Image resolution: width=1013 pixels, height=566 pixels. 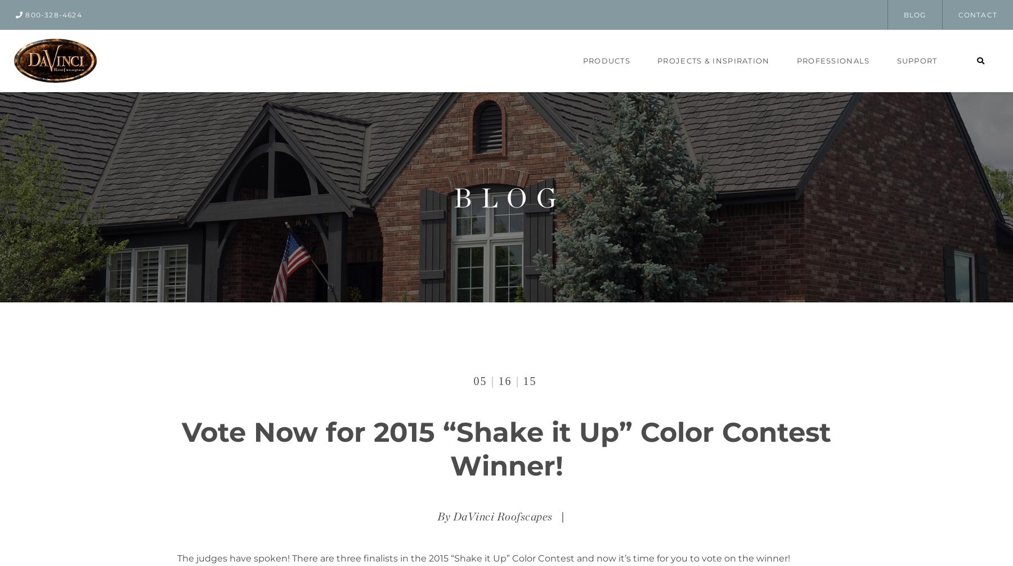 What do you see at coordinates (713, 60) in the screenshot?
I see `'Projects & Inspiration'` at bounding box center [713, 60].